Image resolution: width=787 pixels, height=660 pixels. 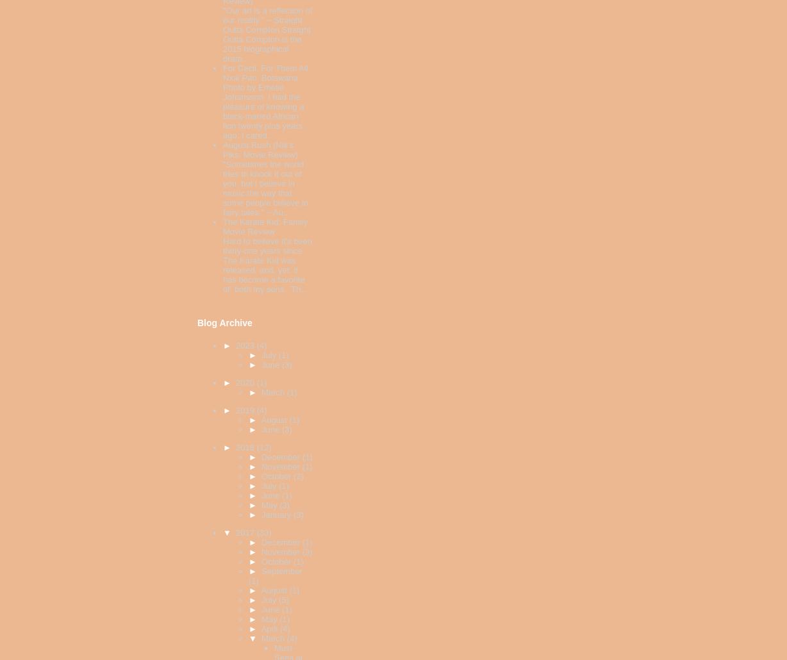 I want to click on 'Blog Archive', so click(x=224, y=322).